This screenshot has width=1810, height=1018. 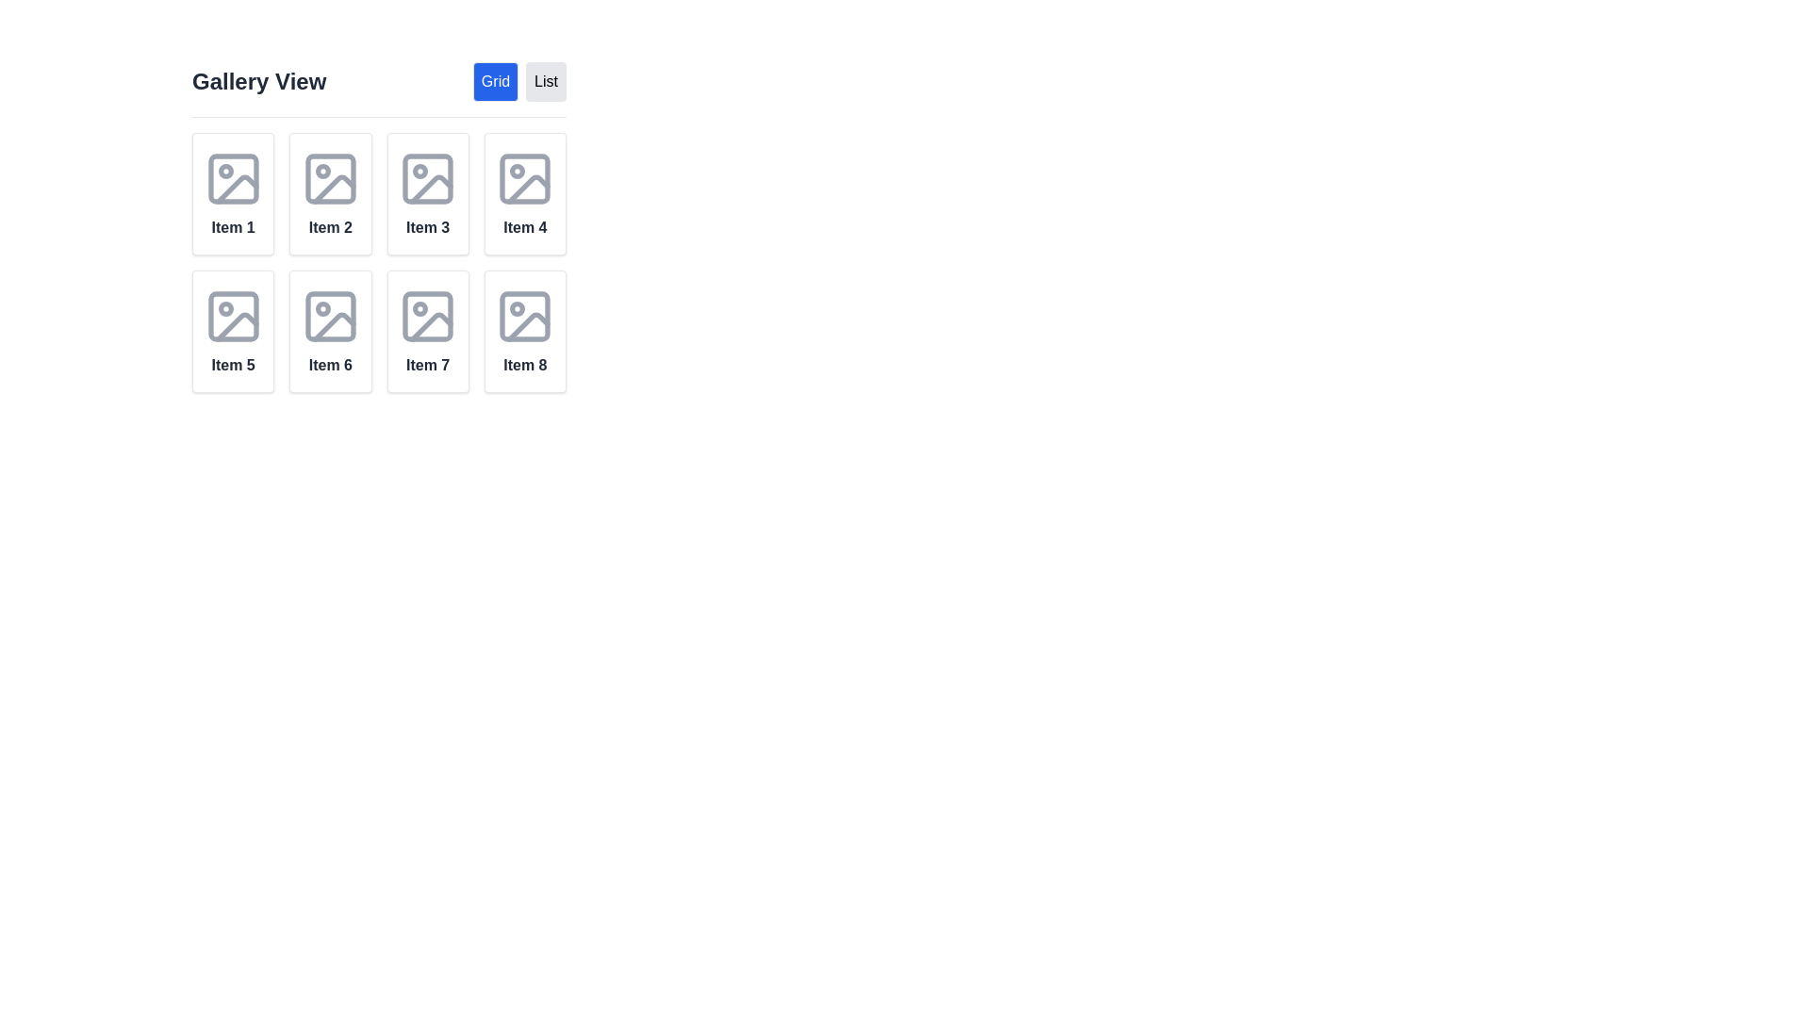 I want to click on the Card Widget that is the first of eight similar cards in the grid layout, which contains an image placeholder icon and is labeled 'Item 1' underneath, so click(x=232, y=193).